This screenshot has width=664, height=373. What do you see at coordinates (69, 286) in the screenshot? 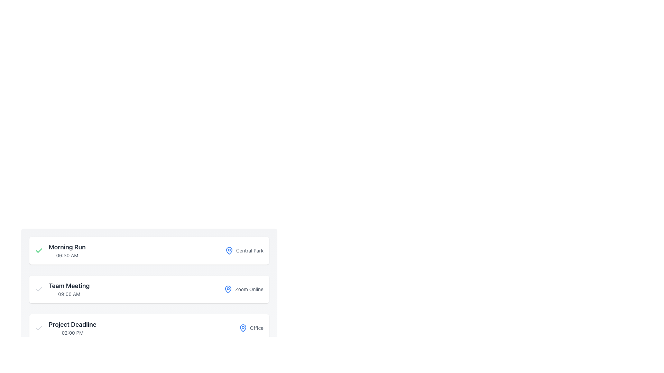
I see `text of the 'Team Meeting' label, which is the second item in a vertically stacked list of events or tasks` at bounding box center [69, 286].